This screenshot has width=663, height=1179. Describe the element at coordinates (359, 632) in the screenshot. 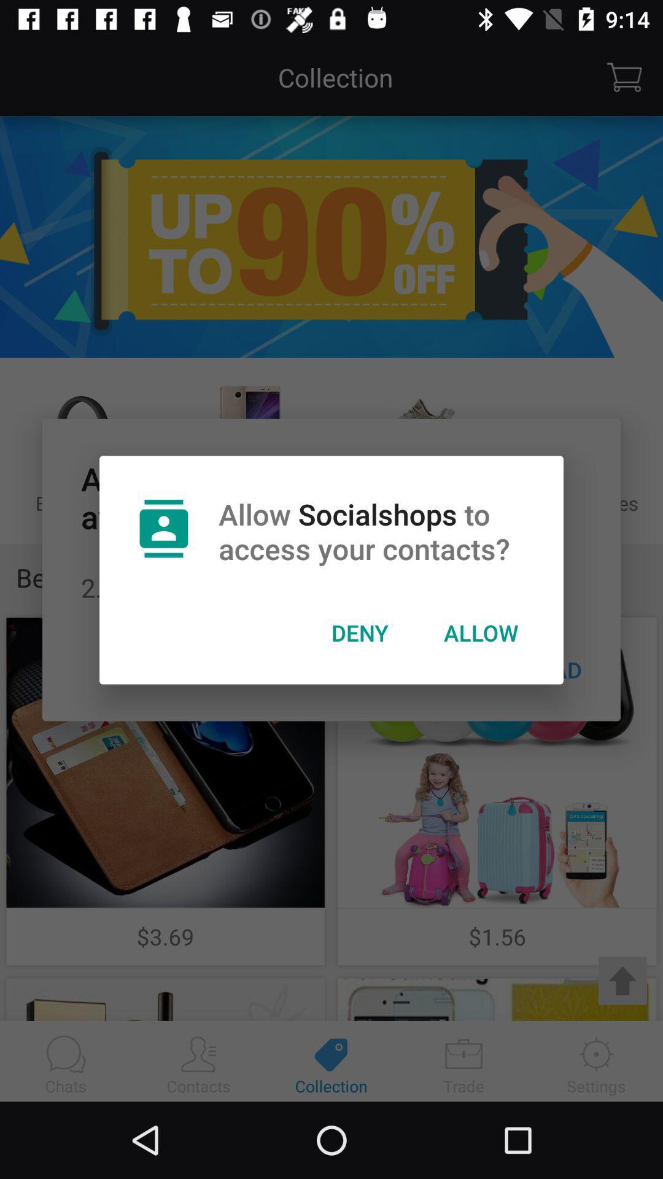

I see `deny` at that location.